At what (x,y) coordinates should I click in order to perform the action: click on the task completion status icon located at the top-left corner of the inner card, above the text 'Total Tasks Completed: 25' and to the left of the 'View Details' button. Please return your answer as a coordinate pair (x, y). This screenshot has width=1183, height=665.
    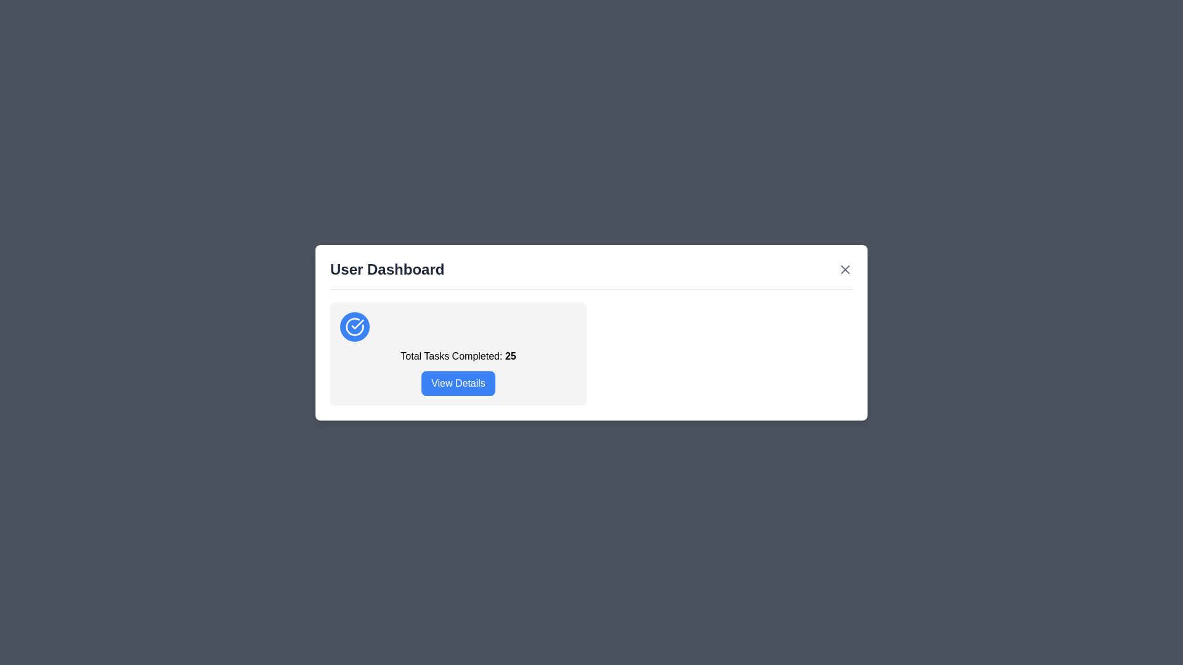
    Looking at the image, I should click on (354, 325).